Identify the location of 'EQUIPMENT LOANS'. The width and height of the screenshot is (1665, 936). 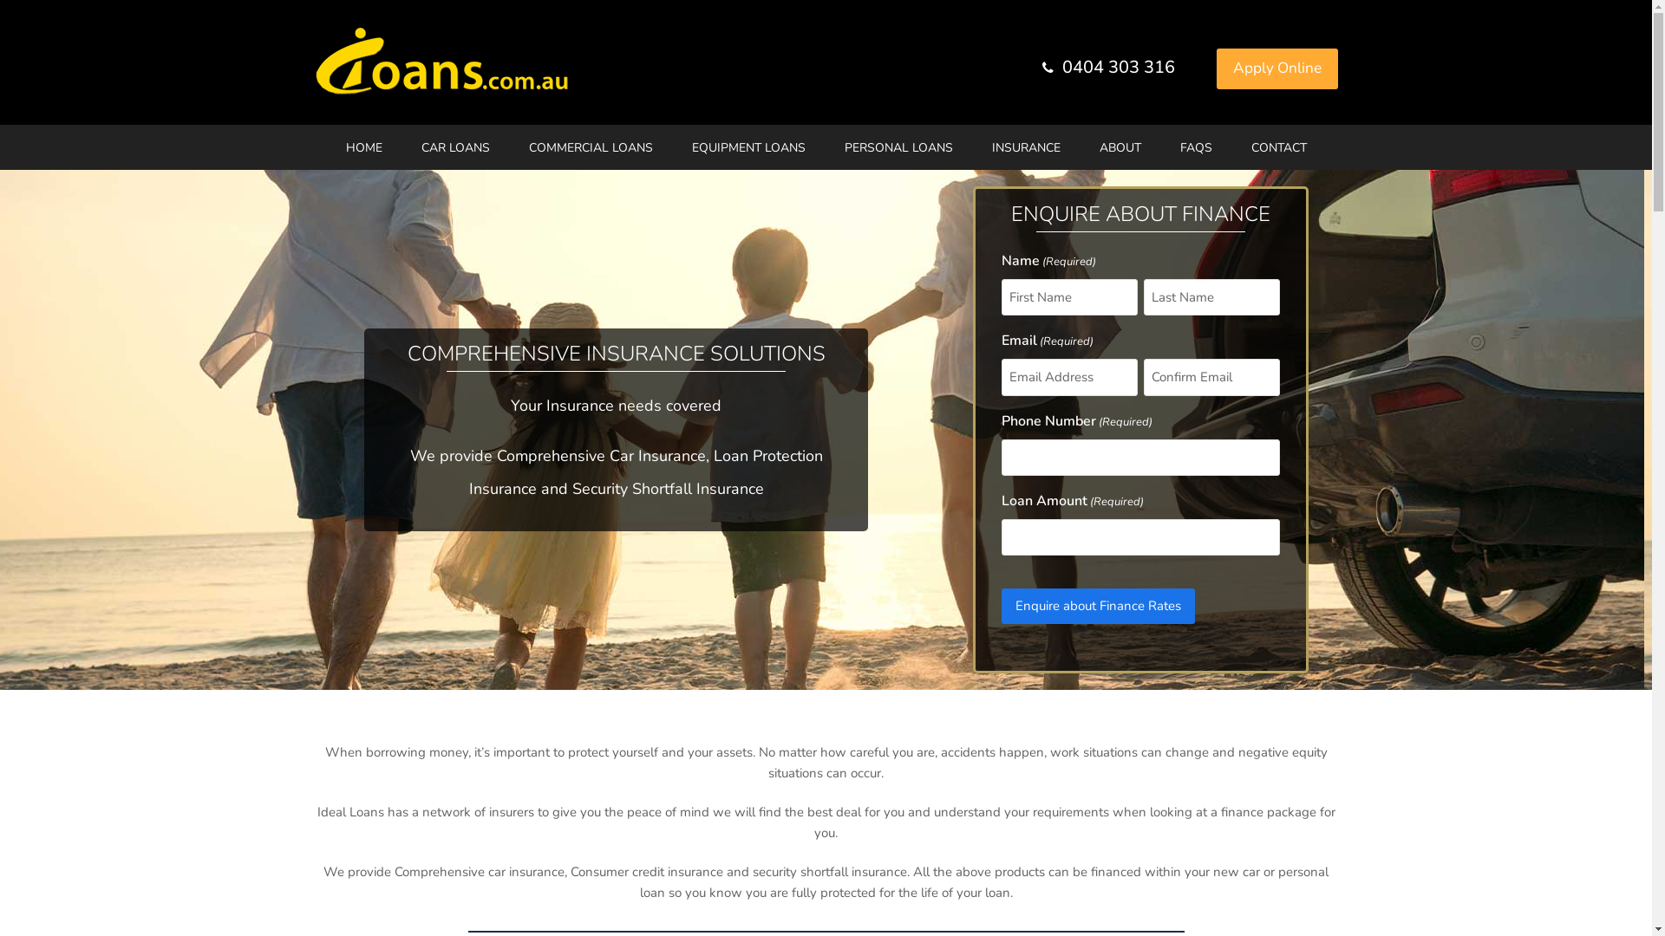
(748, 146).